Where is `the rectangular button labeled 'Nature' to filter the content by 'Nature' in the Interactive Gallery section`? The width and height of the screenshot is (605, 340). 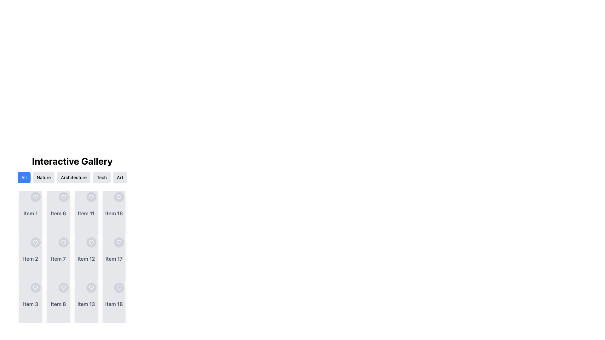
the rectangular button labeled 'Nature' to filter the content by 'Nature' in the Interactive Gallery section is located at coordinates (43, 177).